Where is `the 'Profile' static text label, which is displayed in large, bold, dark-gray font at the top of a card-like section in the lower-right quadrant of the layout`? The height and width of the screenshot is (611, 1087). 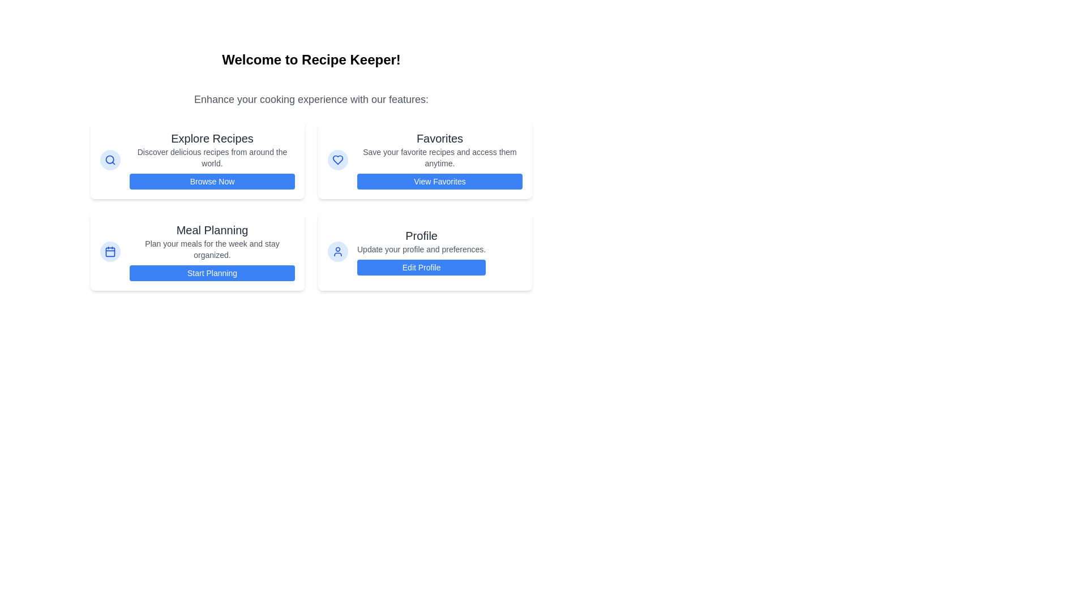 the 'Profile' static text label, which is displayed in large, bold, dark-gray font at the top of a card-like section in the lower-right quadrant of the layout is located at coordinates (421, 235).